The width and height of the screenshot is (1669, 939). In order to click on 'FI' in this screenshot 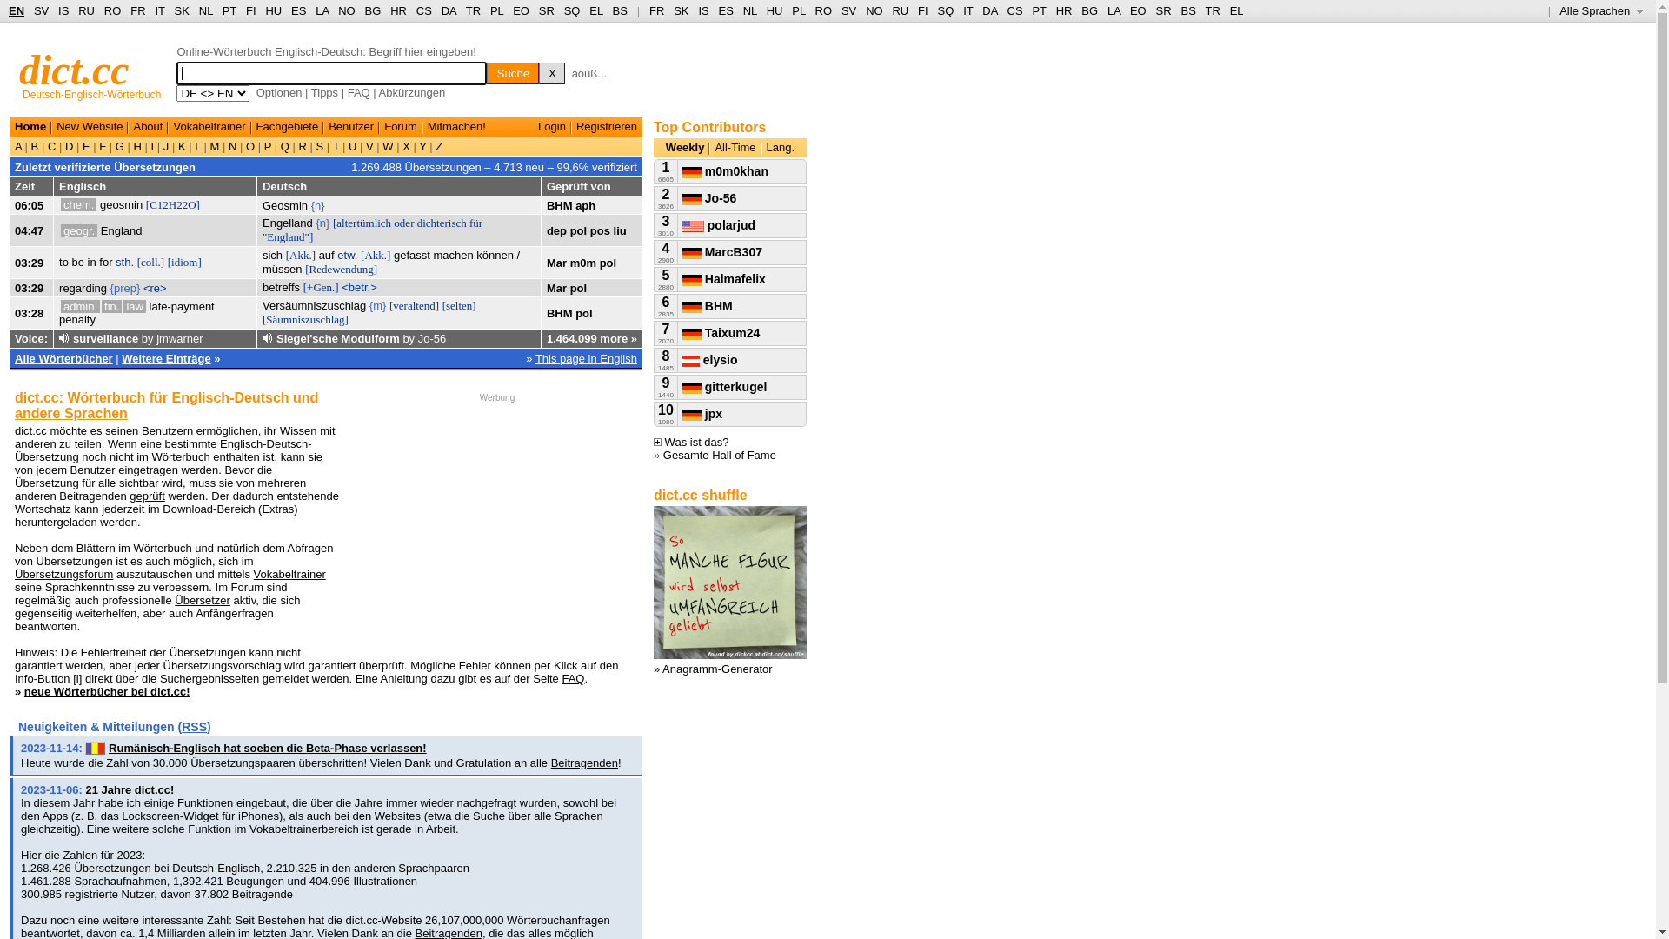, I will do `click(249, 10)`.